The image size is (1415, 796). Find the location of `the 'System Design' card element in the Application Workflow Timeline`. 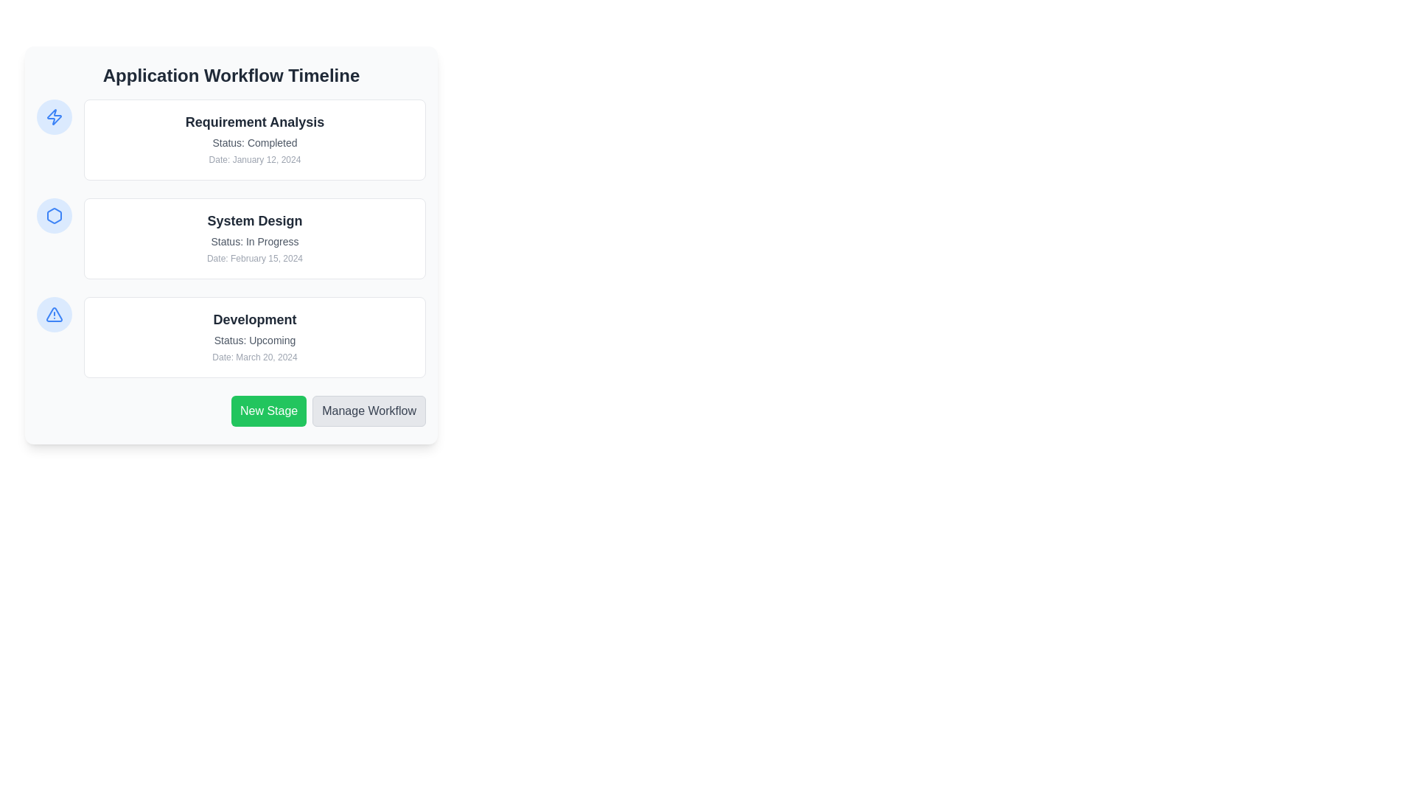

the 'System Design' card element in the Application Workflow Timeline is located at coordinates (230, 238).